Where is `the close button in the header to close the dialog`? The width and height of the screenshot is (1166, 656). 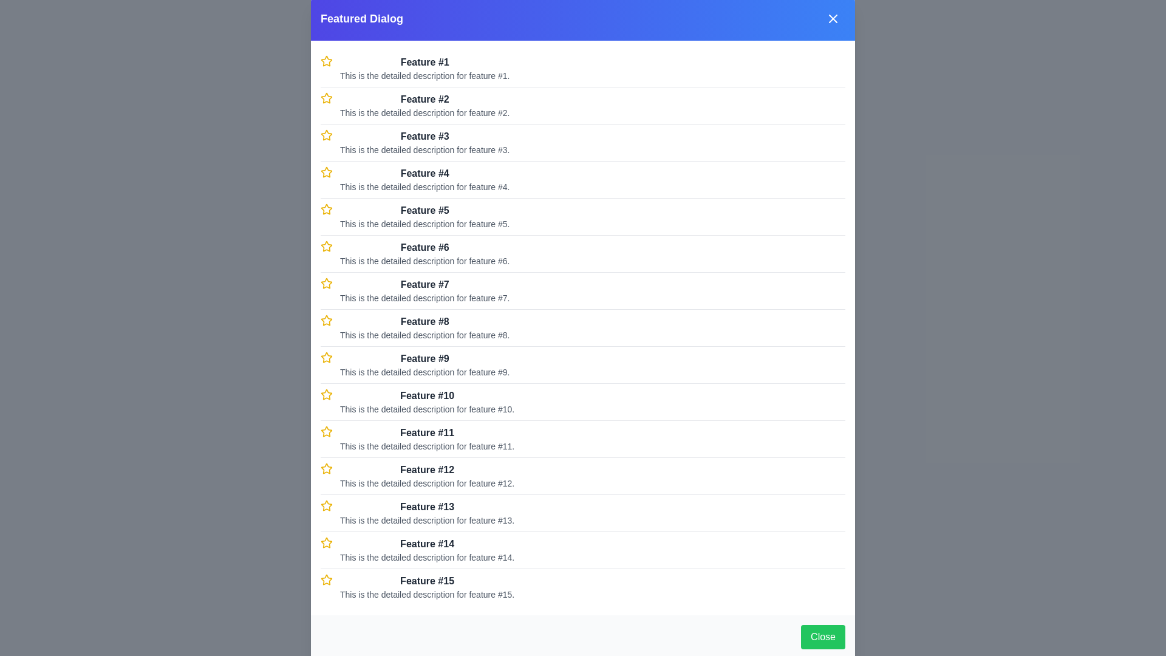 the close button in the header to close the dialog is located at coordinates (833, 18).